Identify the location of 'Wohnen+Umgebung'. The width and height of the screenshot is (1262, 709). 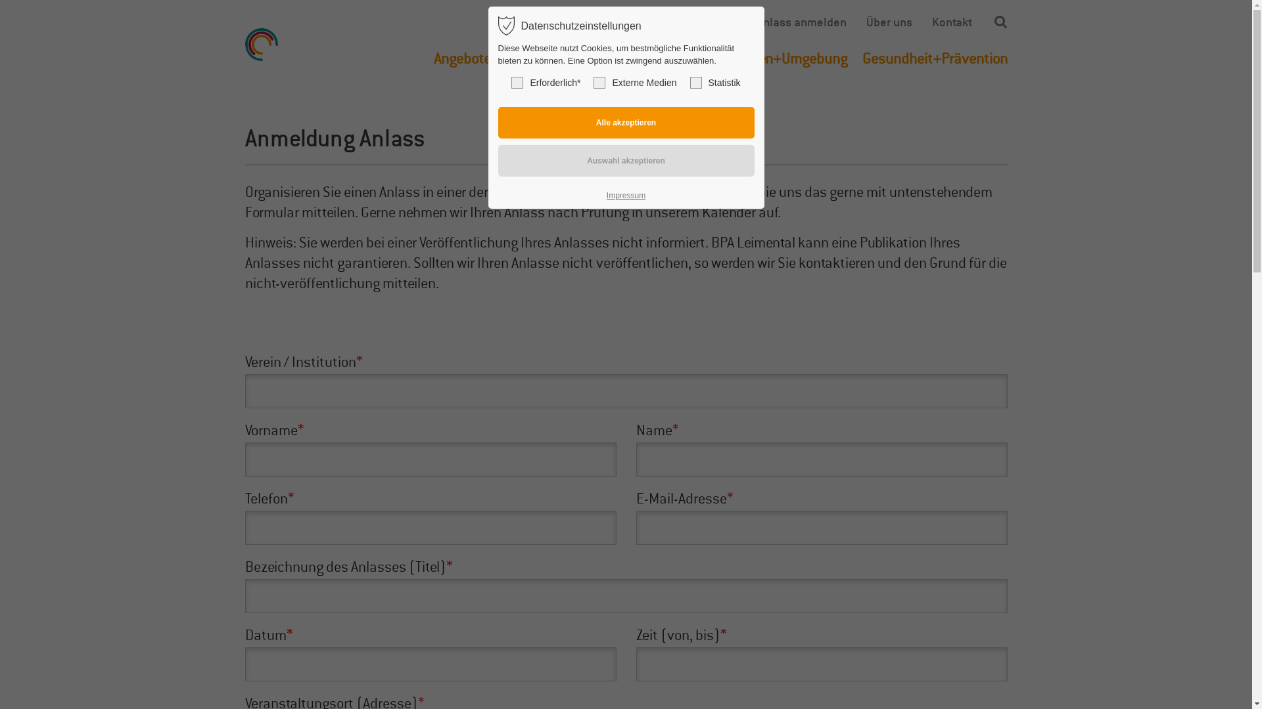
(785, 58).